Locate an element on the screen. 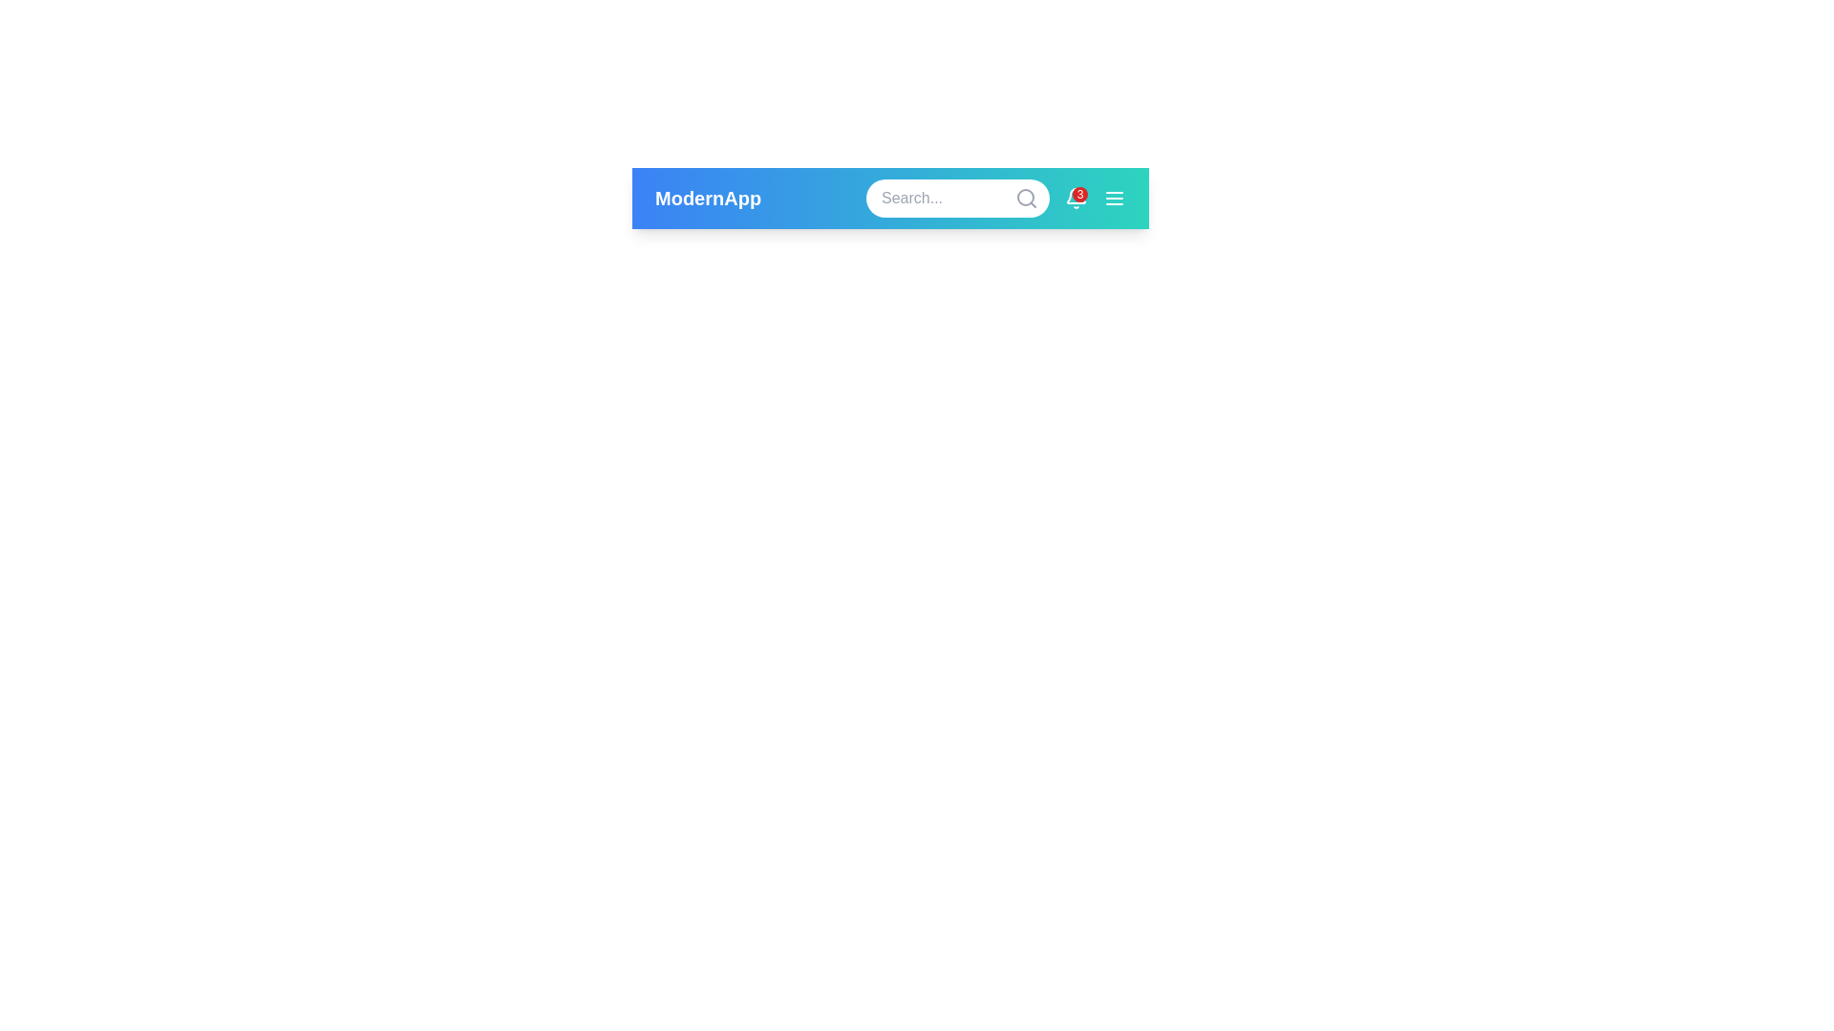  the notification bell to view notifications is located at coordinates (1077, 199).